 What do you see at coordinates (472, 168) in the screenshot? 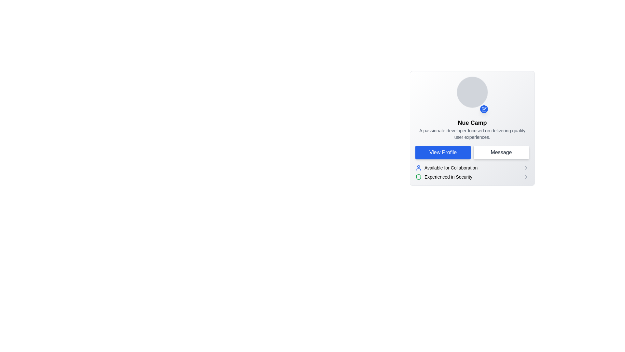
I see `text of the informational label indicating 'Available for Collaboration' located within the profile card layout, positioned above the 'Experienced in Security' item` at bounding box center [472, 168].